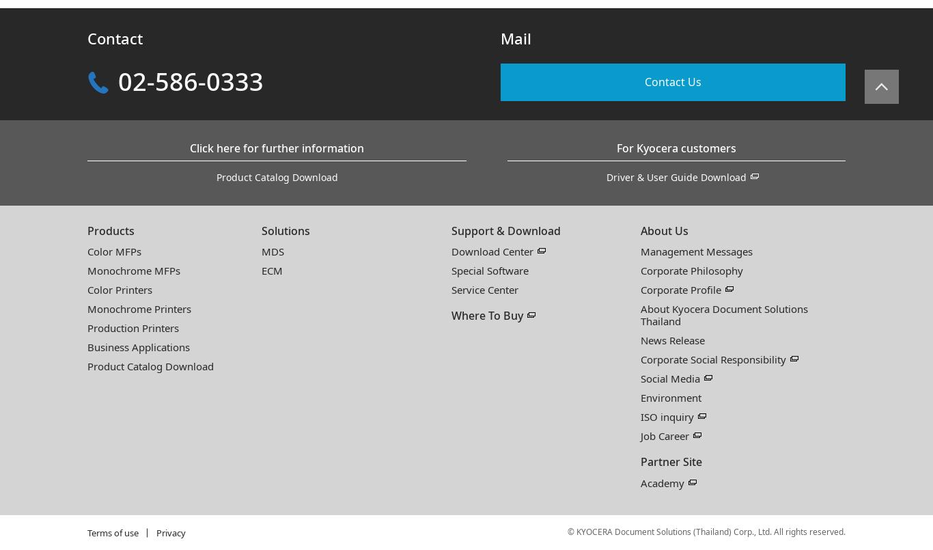  What do you see at coordinates (665, 230) in the screenshot?
I see `'About Us'` at bounding box center [665, 230].